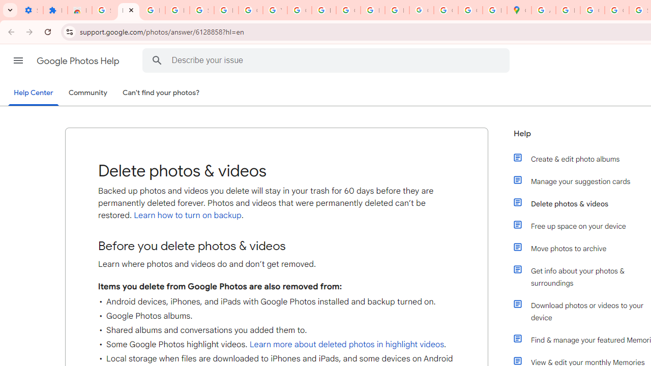  I want to click on 'Learn how to find your photos - Google Photos Help', so click(152, 10).